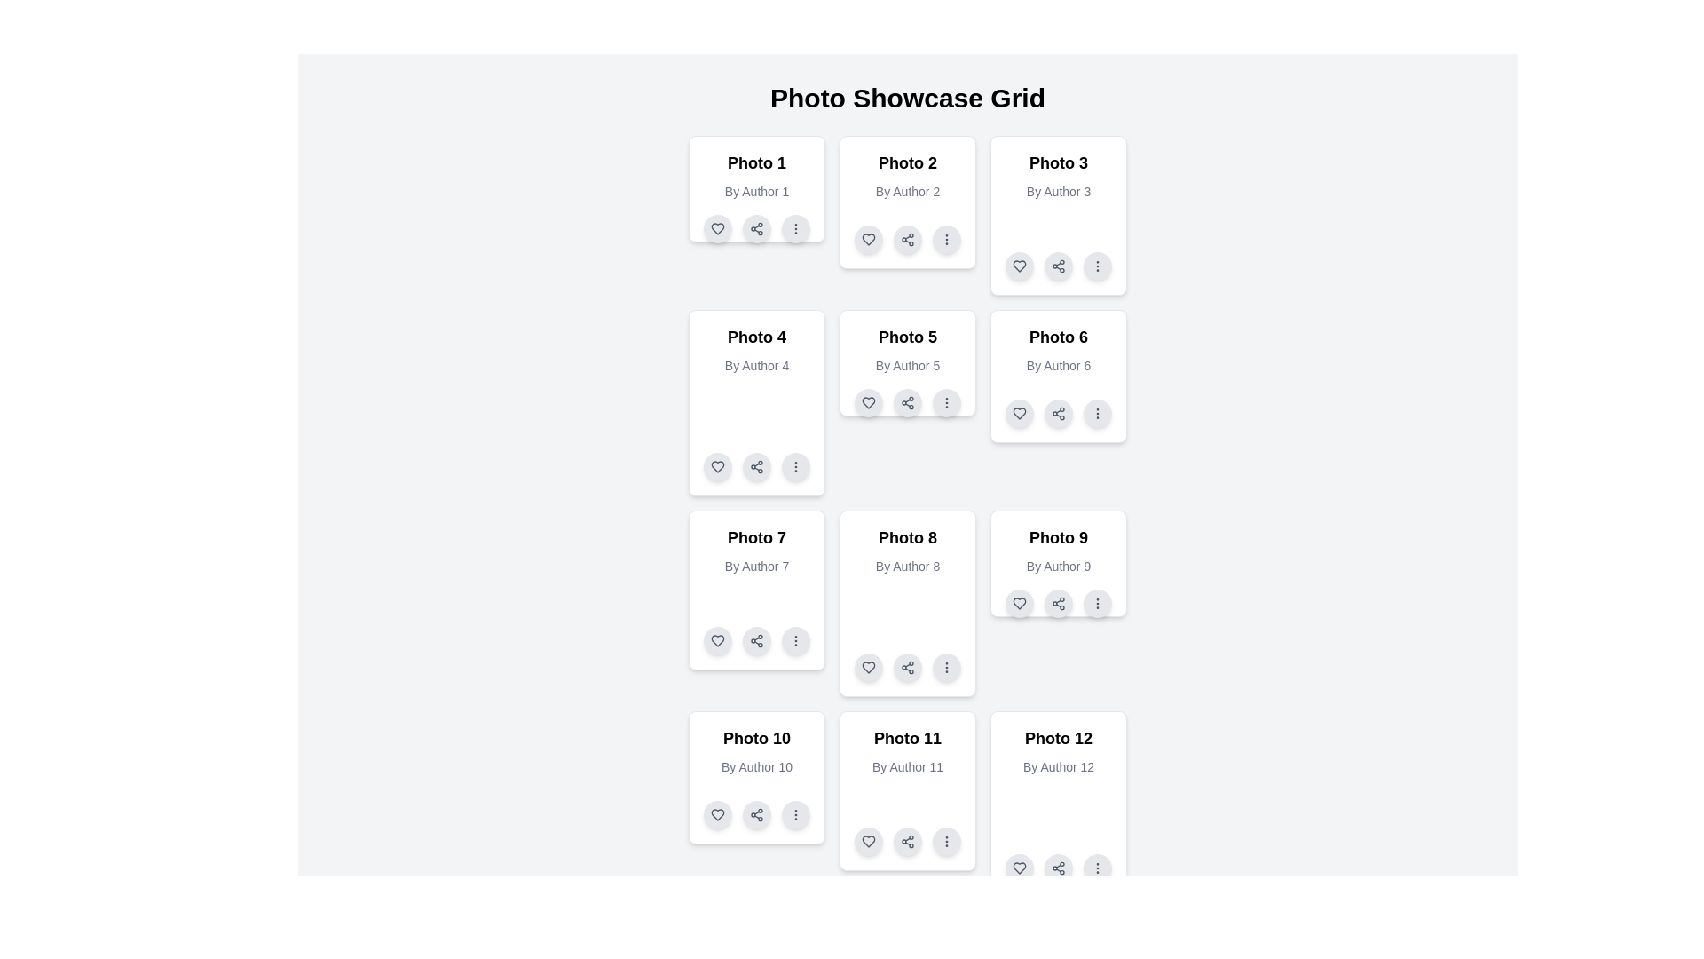  I want to click on the Text label providing attribution or author information for the content represented in the card, located directly beneath the title 'Photo 3', so click(1059, 192).